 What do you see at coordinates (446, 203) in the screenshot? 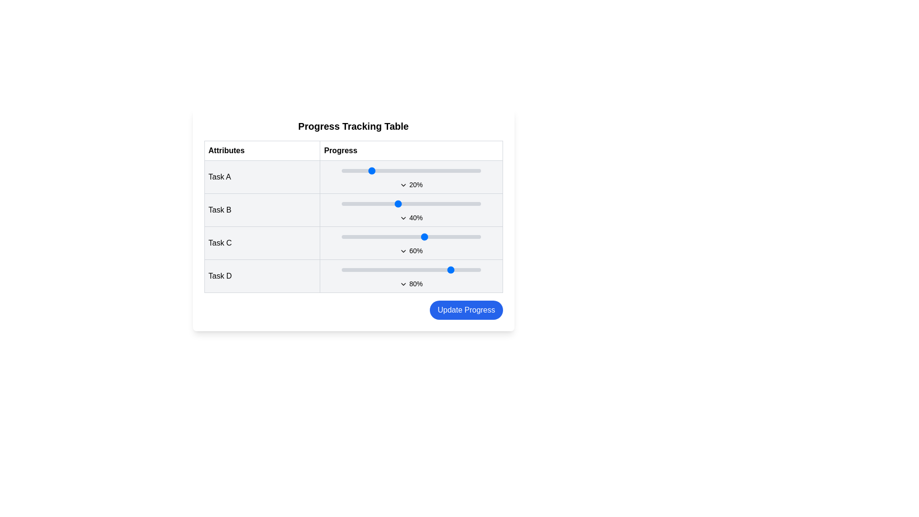
I see `progress` at bounding box center [446, 203].